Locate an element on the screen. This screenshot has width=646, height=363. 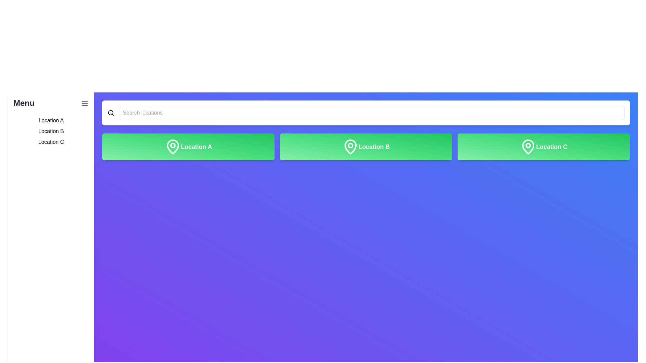
the location marker icon that visually represents 'Location B', which is centrally placed in the interface immediately preceding the text 'Location B' is located at coordinates (350, 146).